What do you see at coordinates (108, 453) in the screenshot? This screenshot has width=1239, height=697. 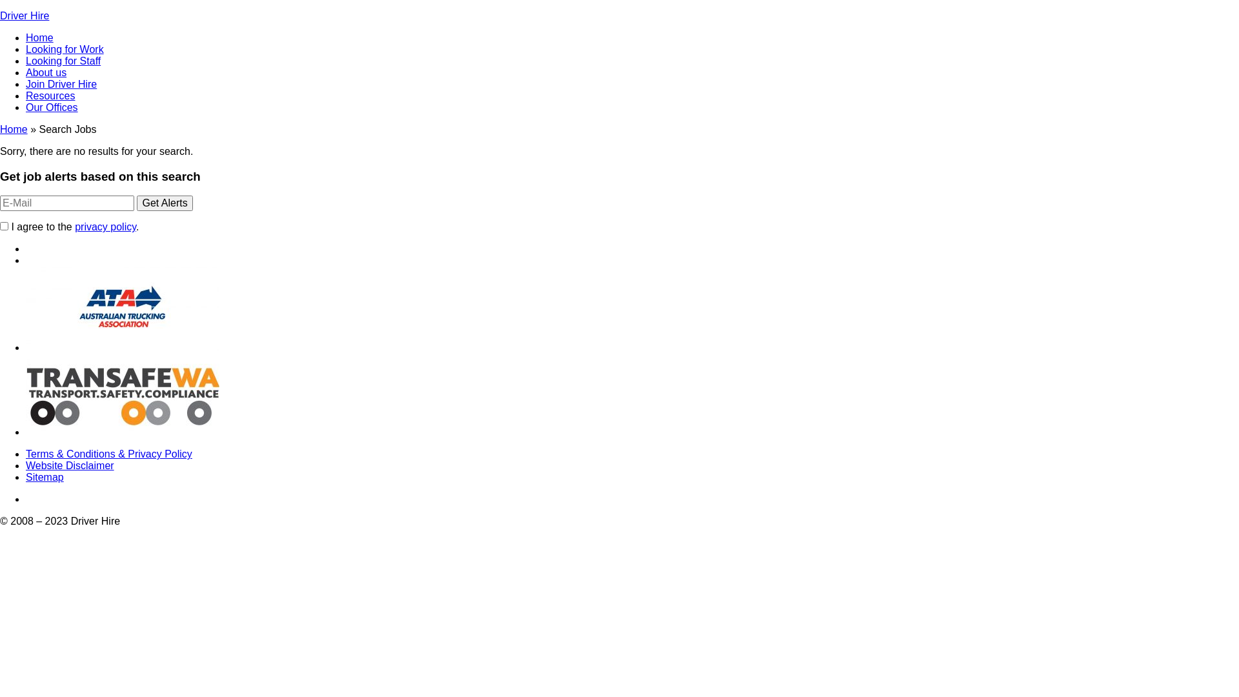 I see `'Terms & Conditions & Privacy Policy'` at bounding box center [108, 453].